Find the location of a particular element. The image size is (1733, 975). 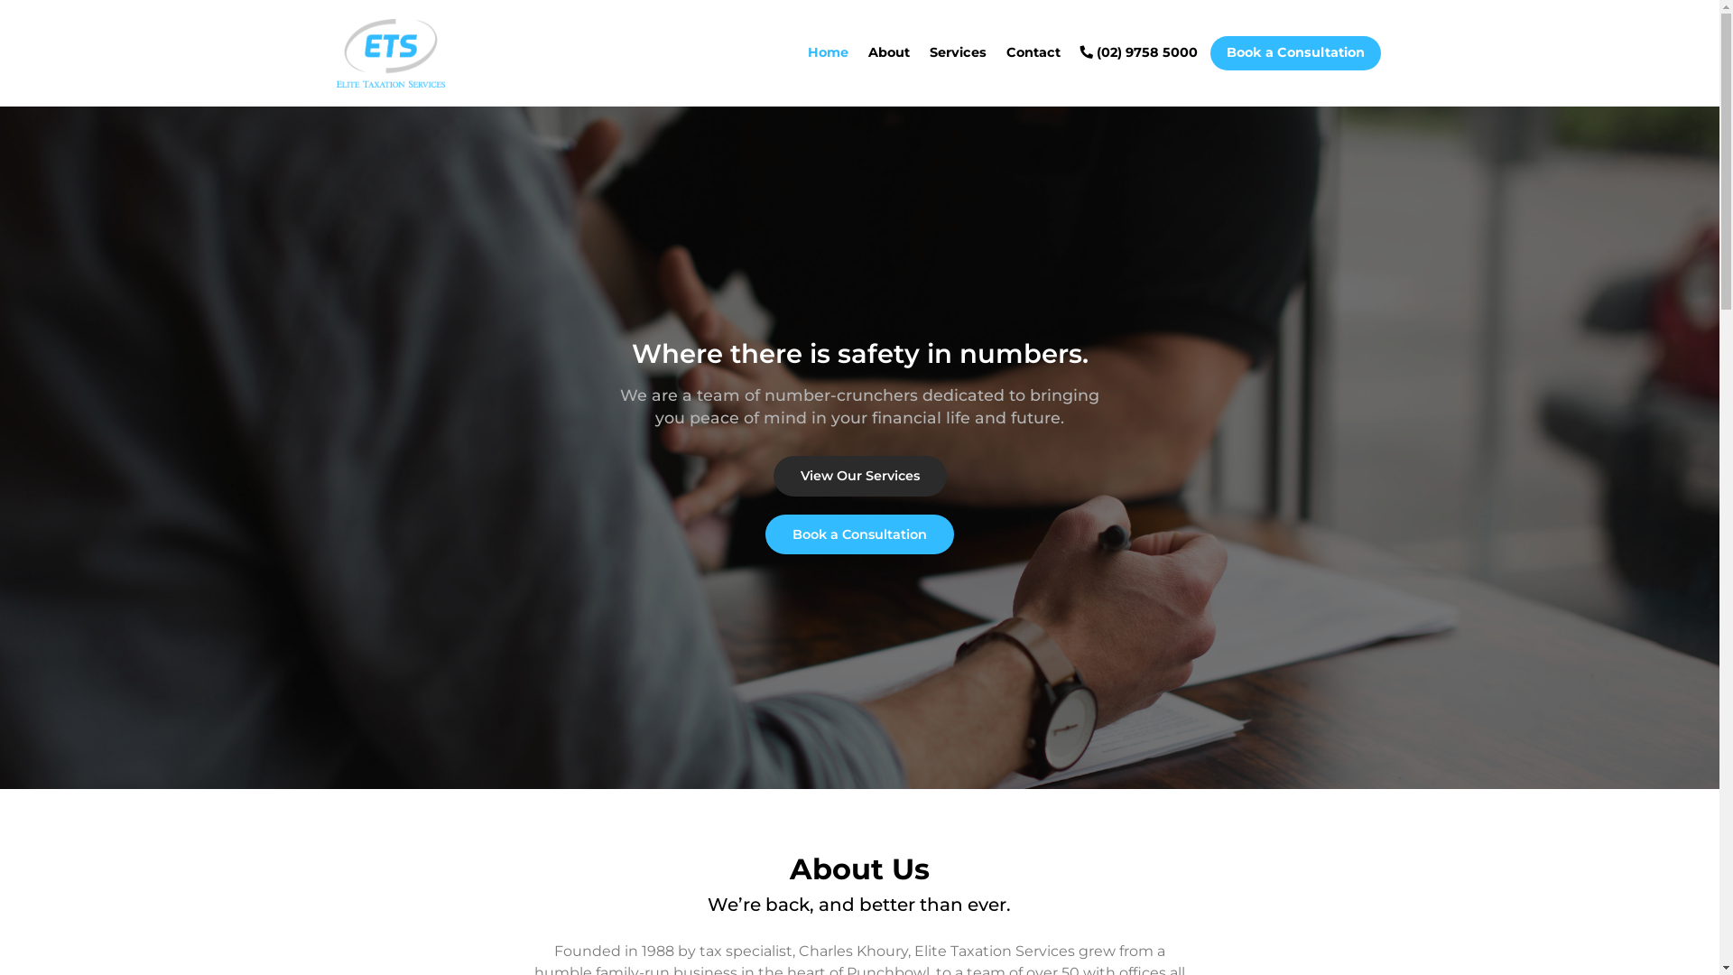

'(02) 9758 5000' is located at coordinates (1137, 51).